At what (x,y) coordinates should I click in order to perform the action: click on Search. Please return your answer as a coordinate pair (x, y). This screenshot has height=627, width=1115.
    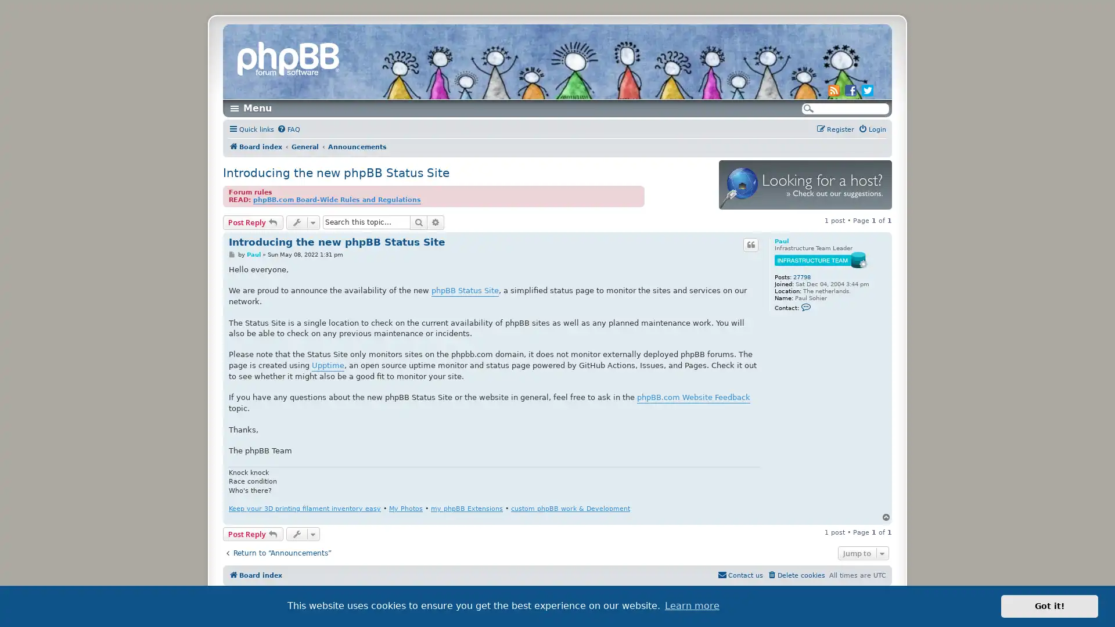
    Looking at the image, I should click on (418, 222).